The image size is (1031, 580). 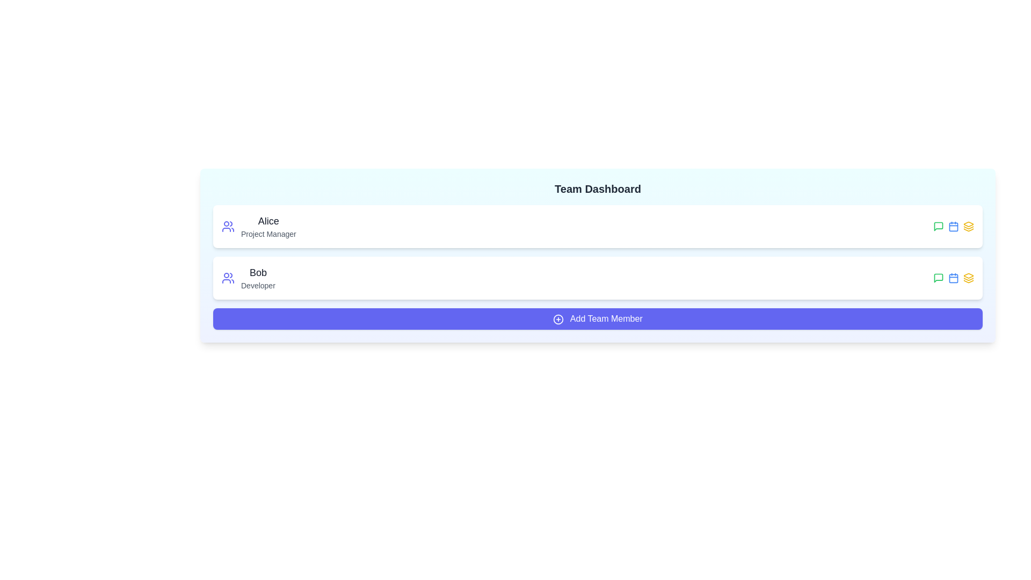 I want to click on the text label displaying 'Bob' and 'Developer' in the second user card, located slightly to the right of the user icon, so click(x=258, y=277).